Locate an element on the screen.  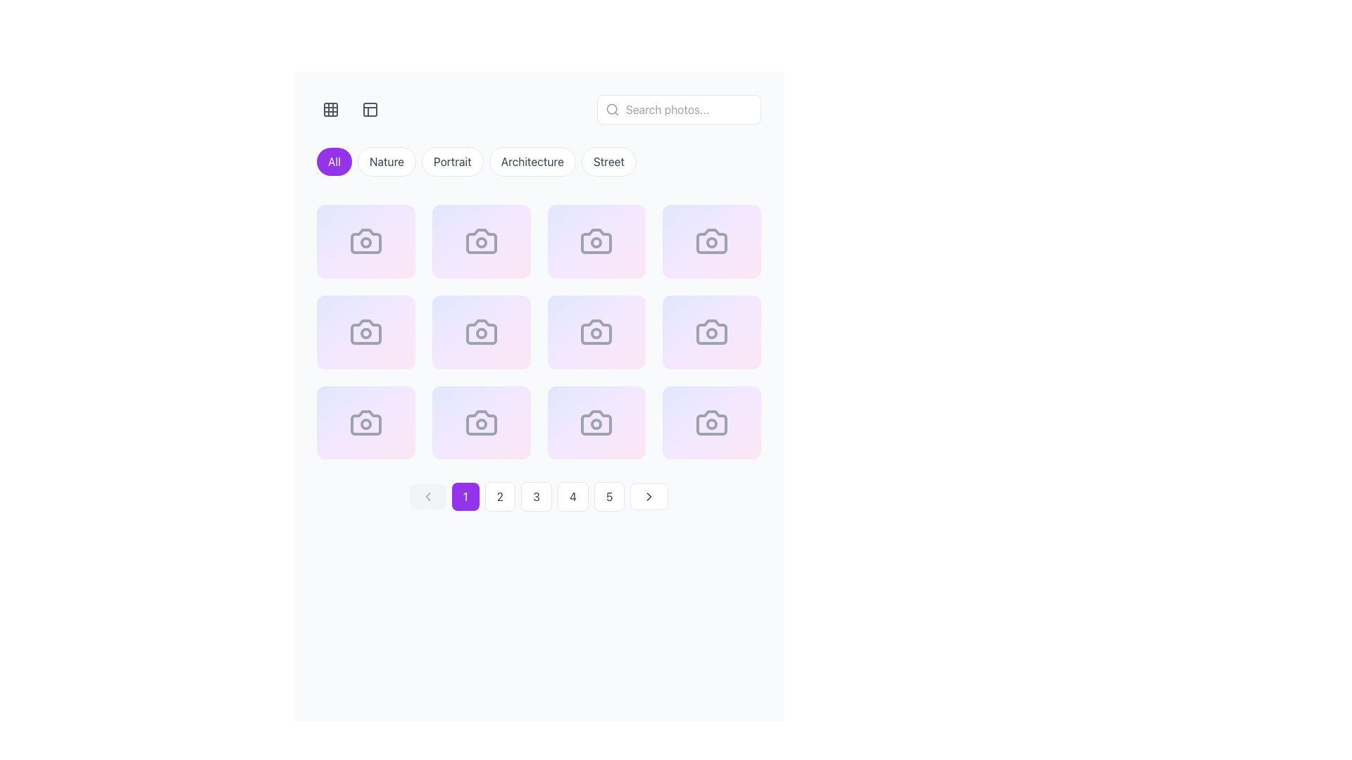
the rectangular button with rounded corners, which has a white background and a right-facing chevron icon, located at the far-right of the pagination bar adjacent to button '5' is located at coordinates (649, 496).